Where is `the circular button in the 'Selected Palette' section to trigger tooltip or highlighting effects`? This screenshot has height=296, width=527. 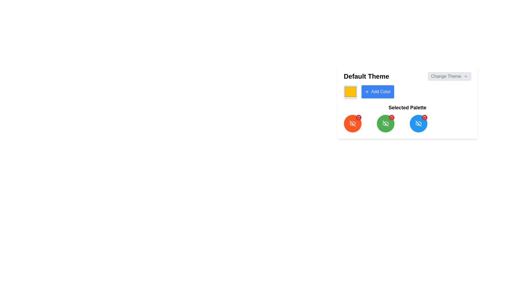
the circular button in the 'Selected Palette' section to trigger tooltip or highlighting effects is located at coordinates (352, 124).